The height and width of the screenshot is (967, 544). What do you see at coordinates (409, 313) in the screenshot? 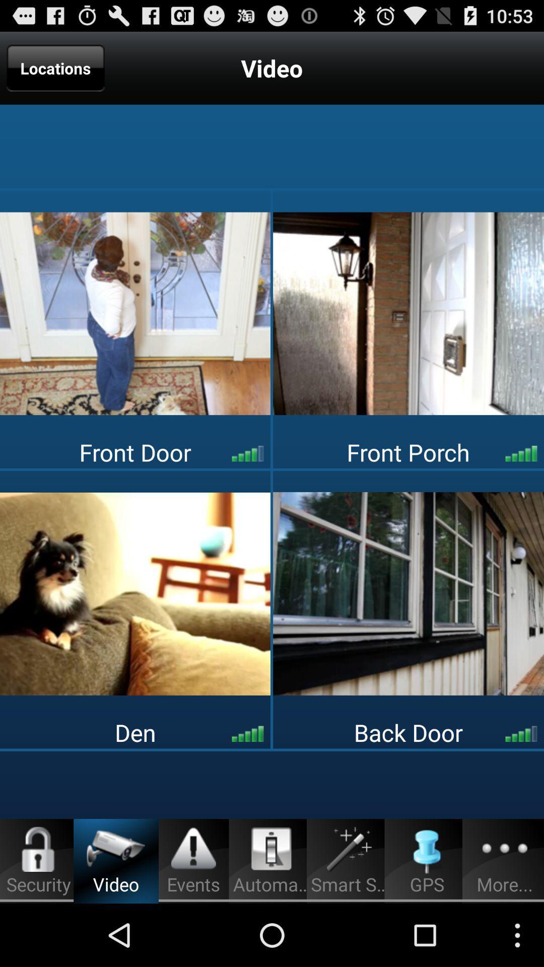
I see `open picture of porch` at bounding box center [409, 313].